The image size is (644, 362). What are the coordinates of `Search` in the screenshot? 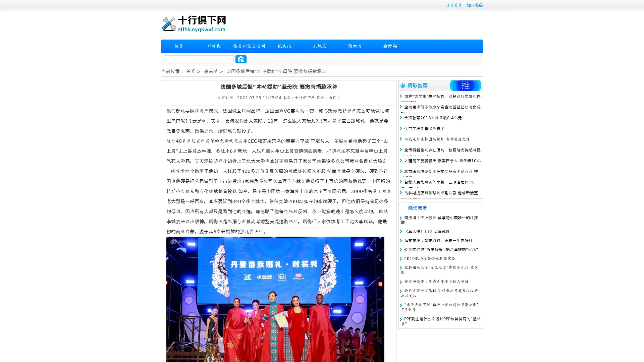 It's located at (241, 59).